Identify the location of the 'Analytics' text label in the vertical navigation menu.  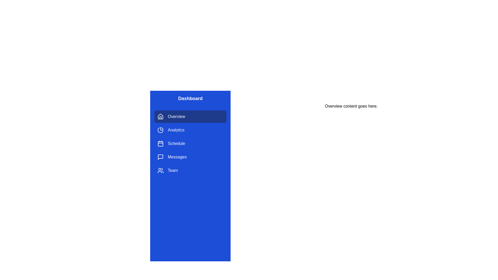
(176, 130).